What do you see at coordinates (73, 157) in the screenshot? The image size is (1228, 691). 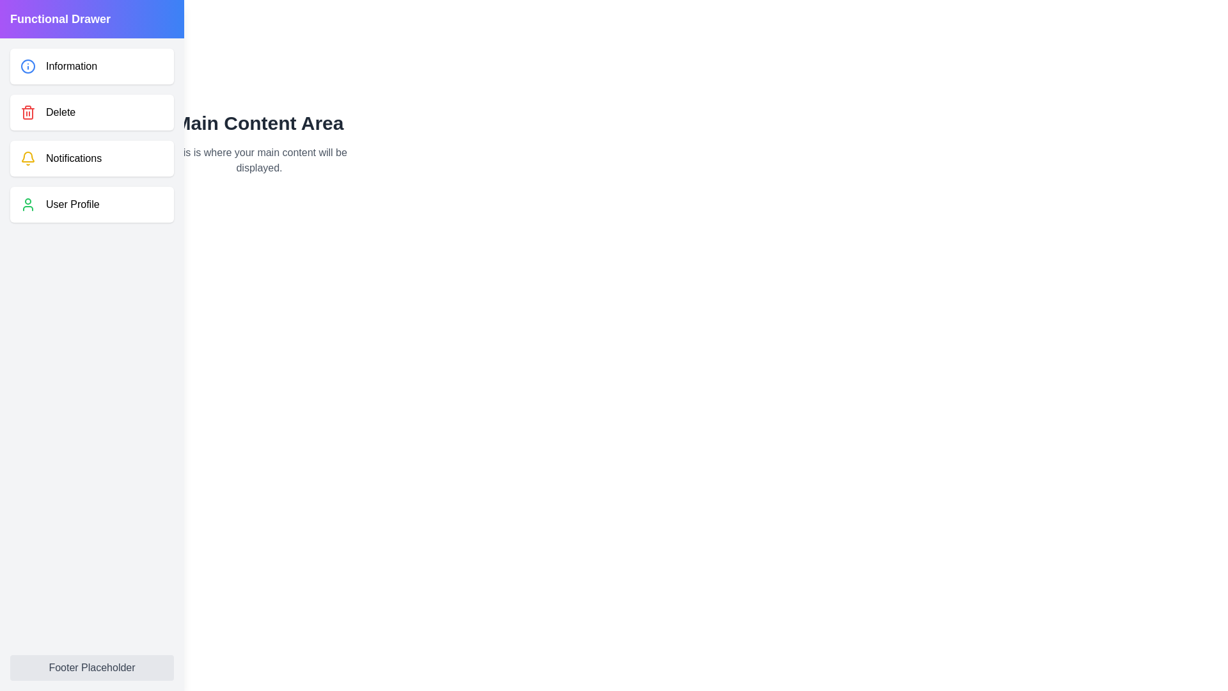 I see `the 'Notifications' text label` at bounding box center [73, 157].